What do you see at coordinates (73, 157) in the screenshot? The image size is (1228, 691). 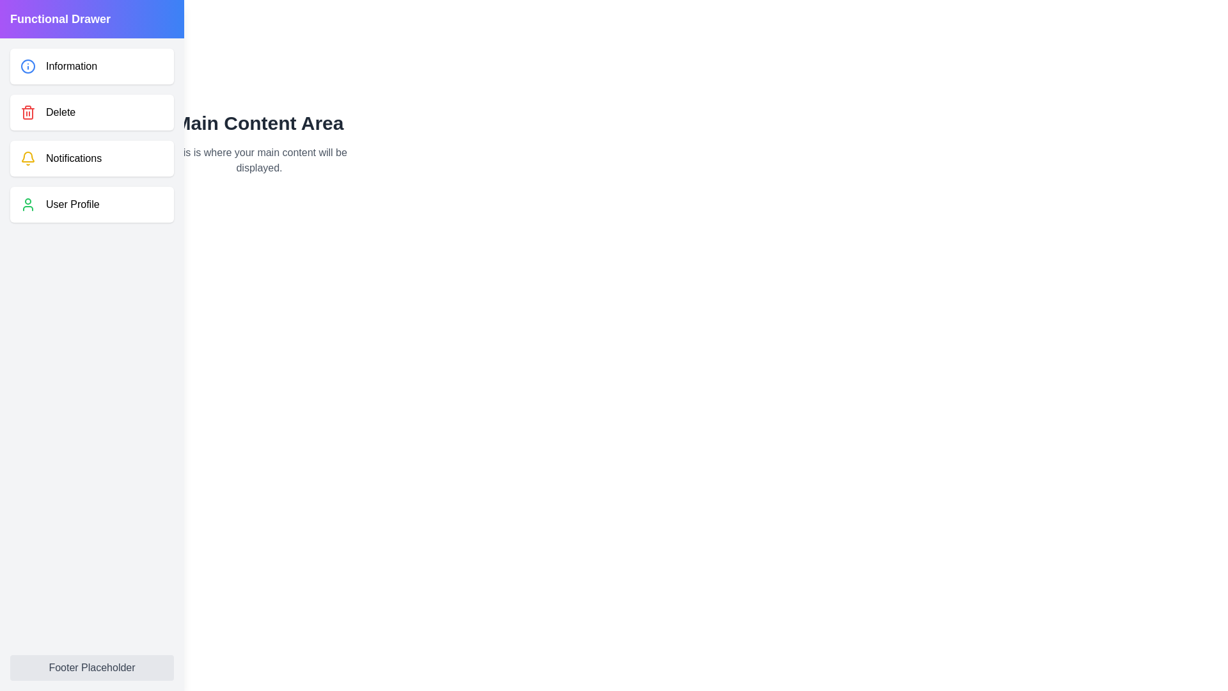 I see `the 'Notifications' text label` at bounding box center [73, 157].